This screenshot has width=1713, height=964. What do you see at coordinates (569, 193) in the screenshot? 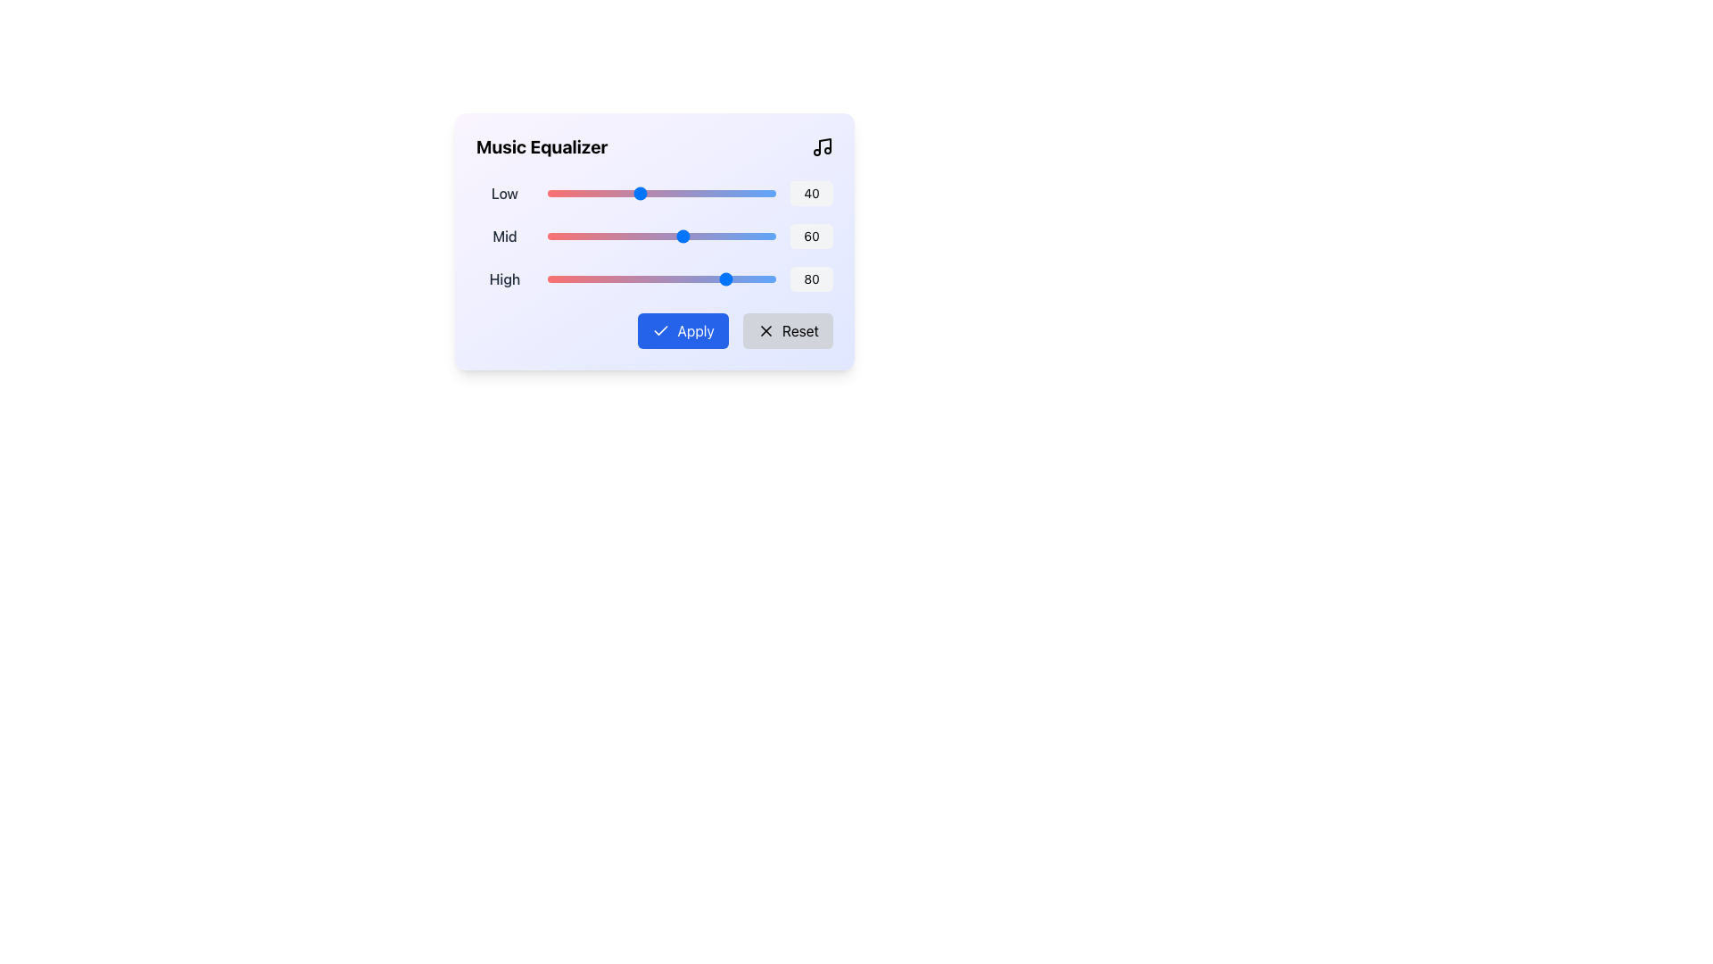
I see `the Low frequency equalizer value` at bounding box center [569, 193].